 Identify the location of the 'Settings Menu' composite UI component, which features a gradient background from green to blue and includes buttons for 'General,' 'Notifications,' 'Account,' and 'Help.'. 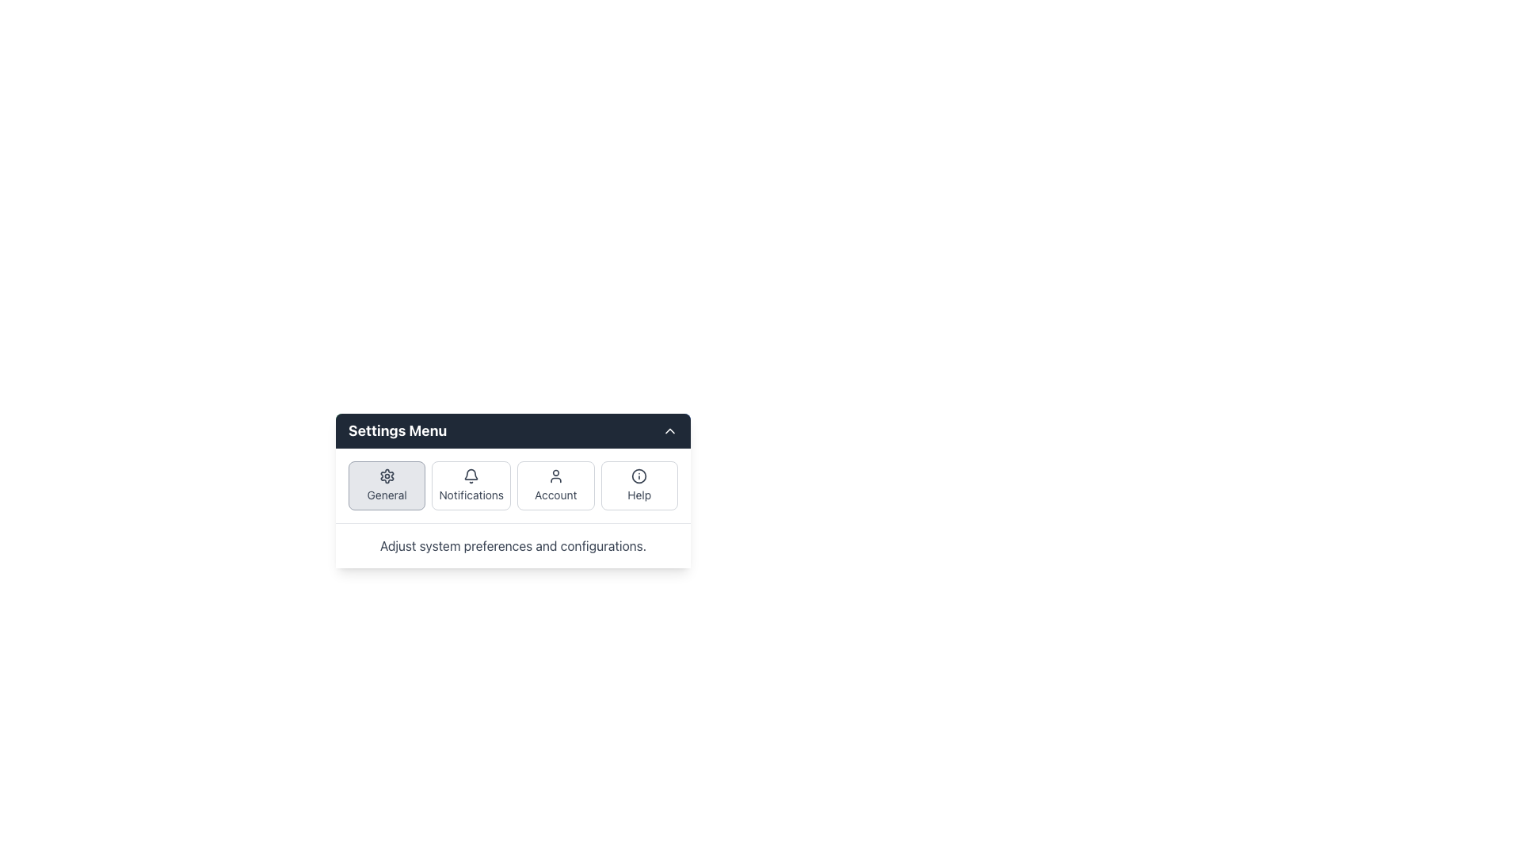
(513, 489).